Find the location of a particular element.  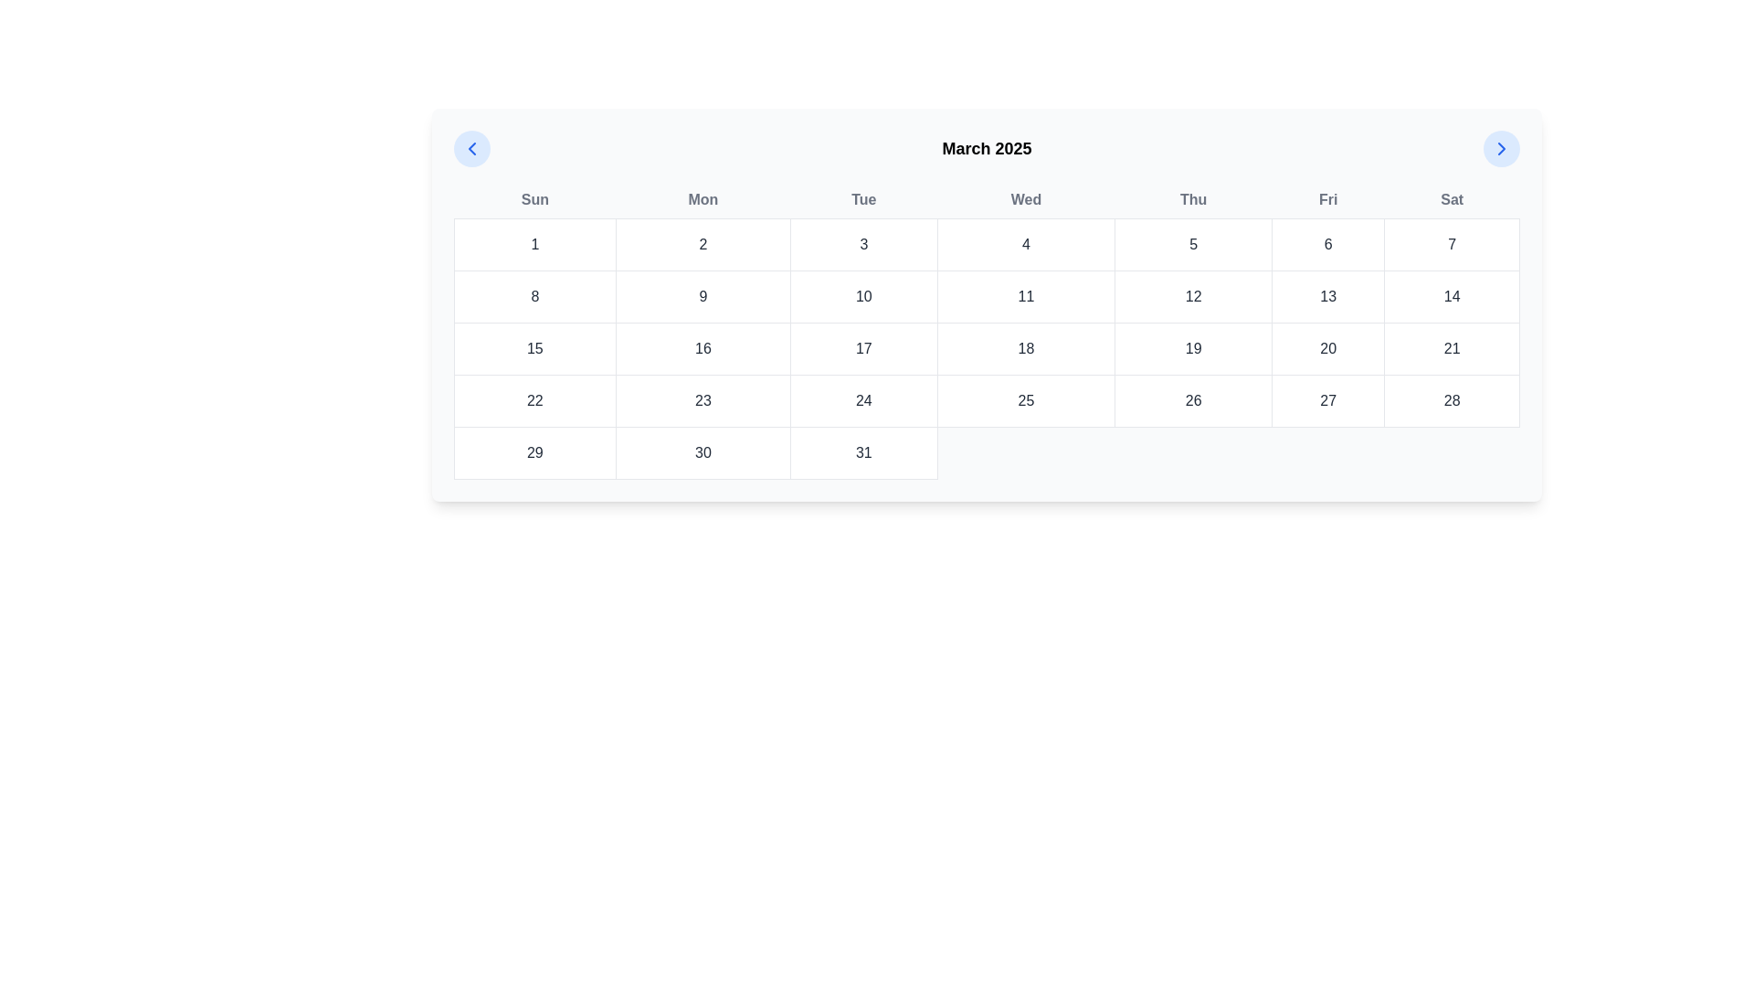

the selectable calendar date item representing the date '5', located under the 'Thu' column header in the calendar interface is located at coordinates (1193, 243).